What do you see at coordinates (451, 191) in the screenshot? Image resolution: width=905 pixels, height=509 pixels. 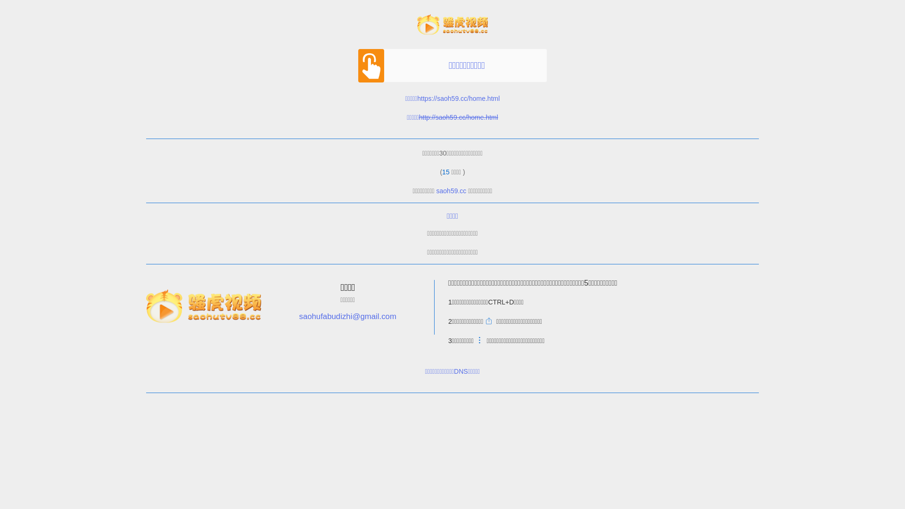 I see `'saoh59.cc'` at bounding box center [451, 191].